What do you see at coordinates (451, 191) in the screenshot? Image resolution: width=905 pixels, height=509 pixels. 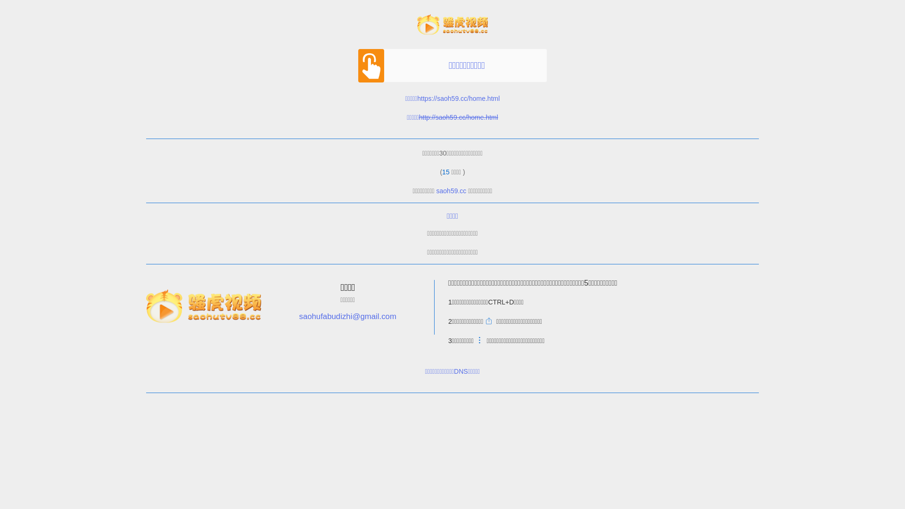 I see `'saoh59.cc'` at bounding box center [451, 191].